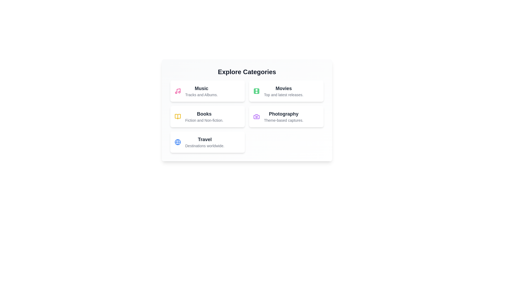 Image resolution: width=511 pixels, height=287 pixels. I want to click on the category card corresponding to Movies, so click(286, 91).